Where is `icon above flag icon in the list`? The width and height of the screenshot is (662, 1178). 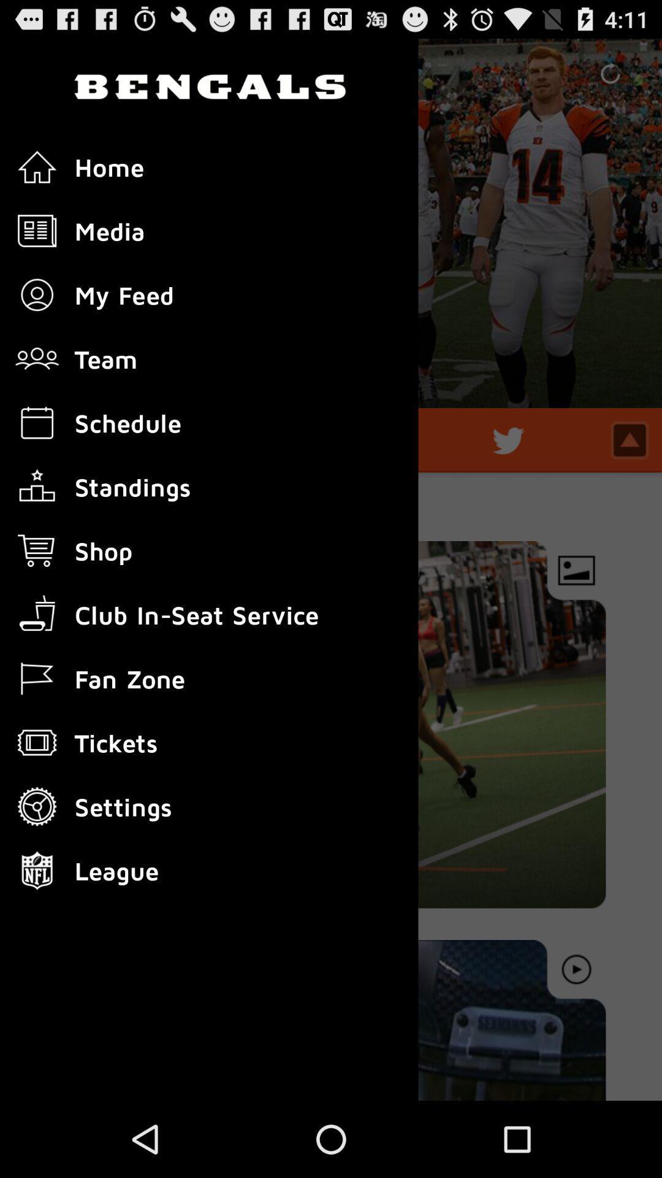
icon above flag icon in the list is located at coordinates (37, 615).